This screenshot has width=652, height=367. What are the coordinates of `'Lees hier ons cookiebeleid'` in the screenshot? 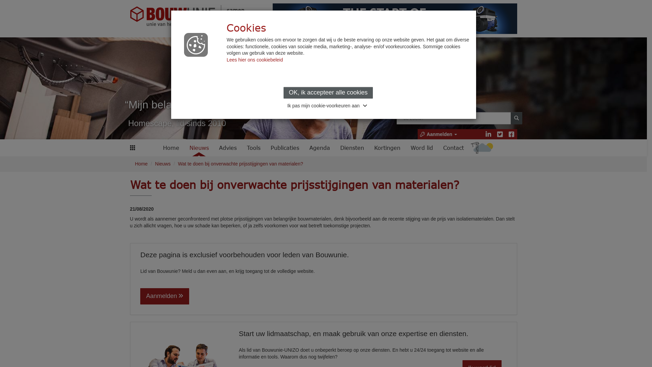 It's located at (227, 59).